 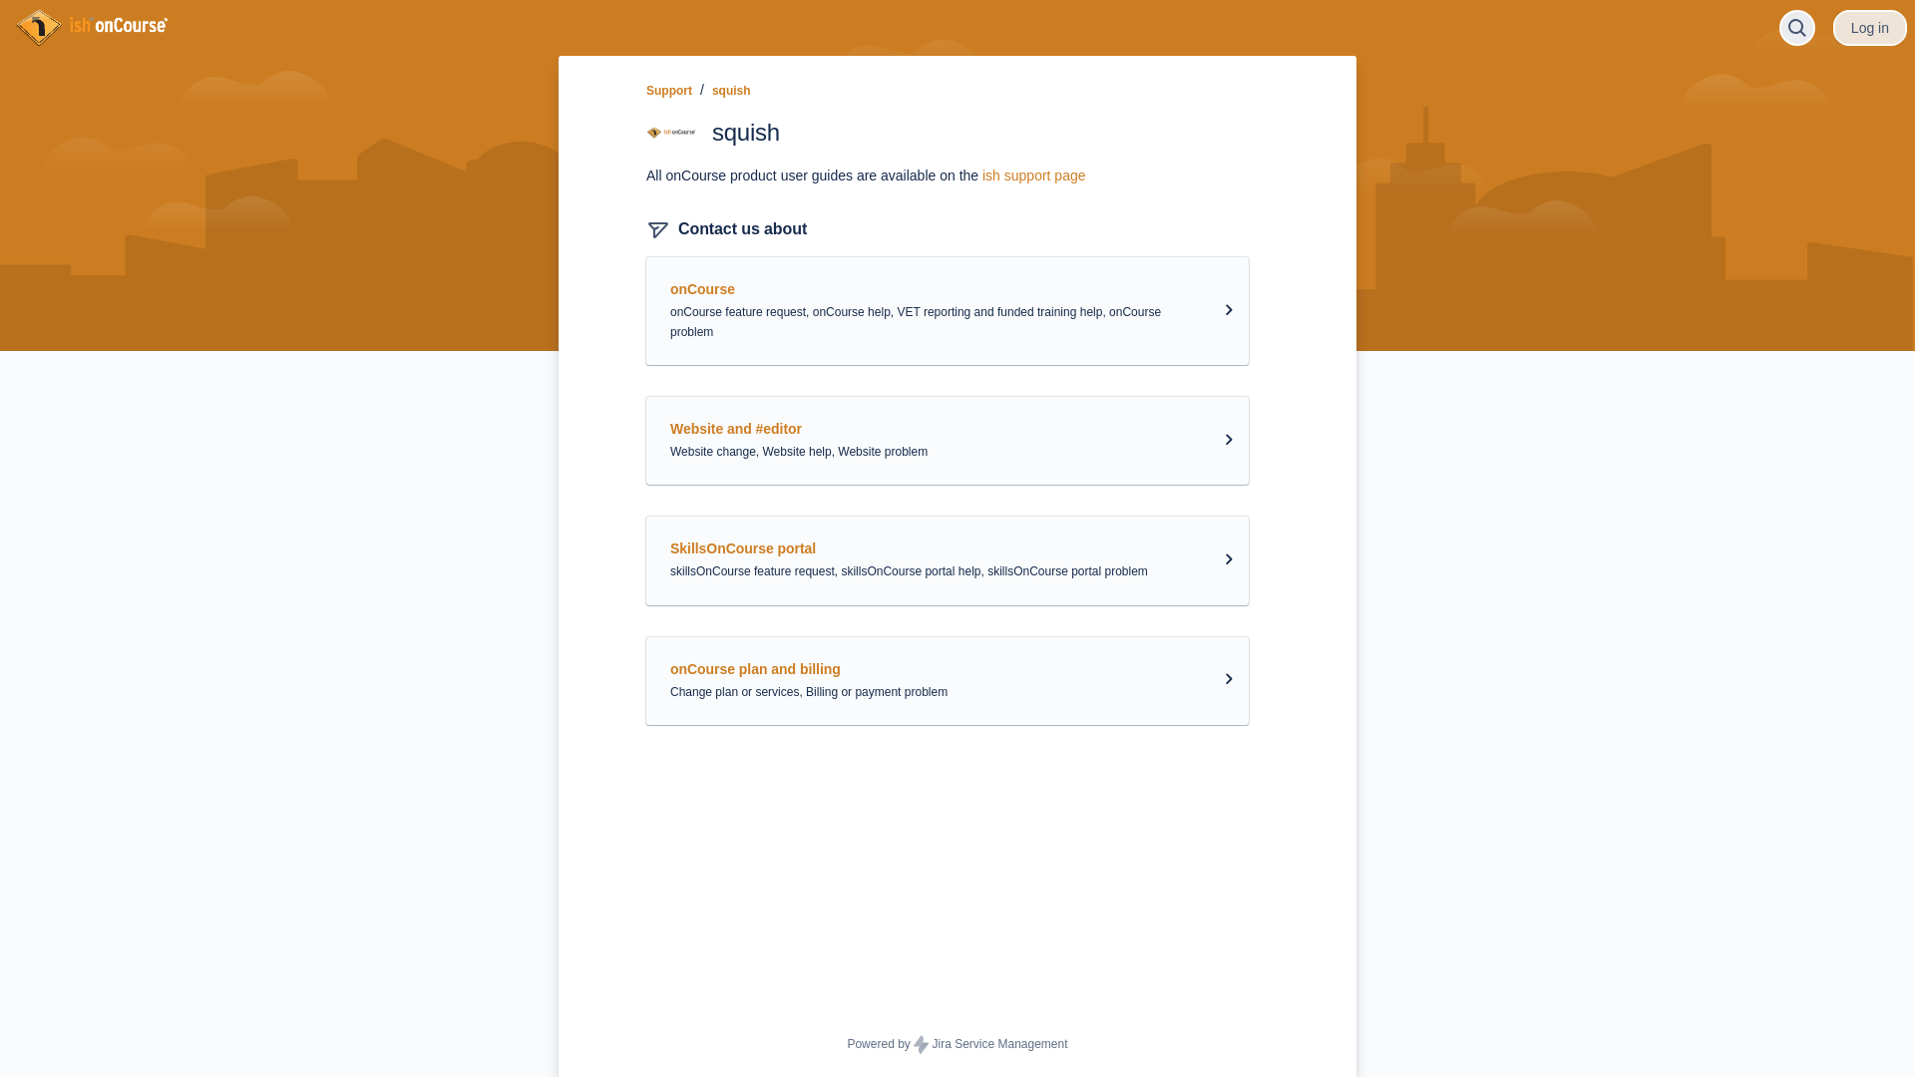 What do you see at coordinates (669, 91) in the screenshot?
I see `'Support'` at bounding box center [669, 91].